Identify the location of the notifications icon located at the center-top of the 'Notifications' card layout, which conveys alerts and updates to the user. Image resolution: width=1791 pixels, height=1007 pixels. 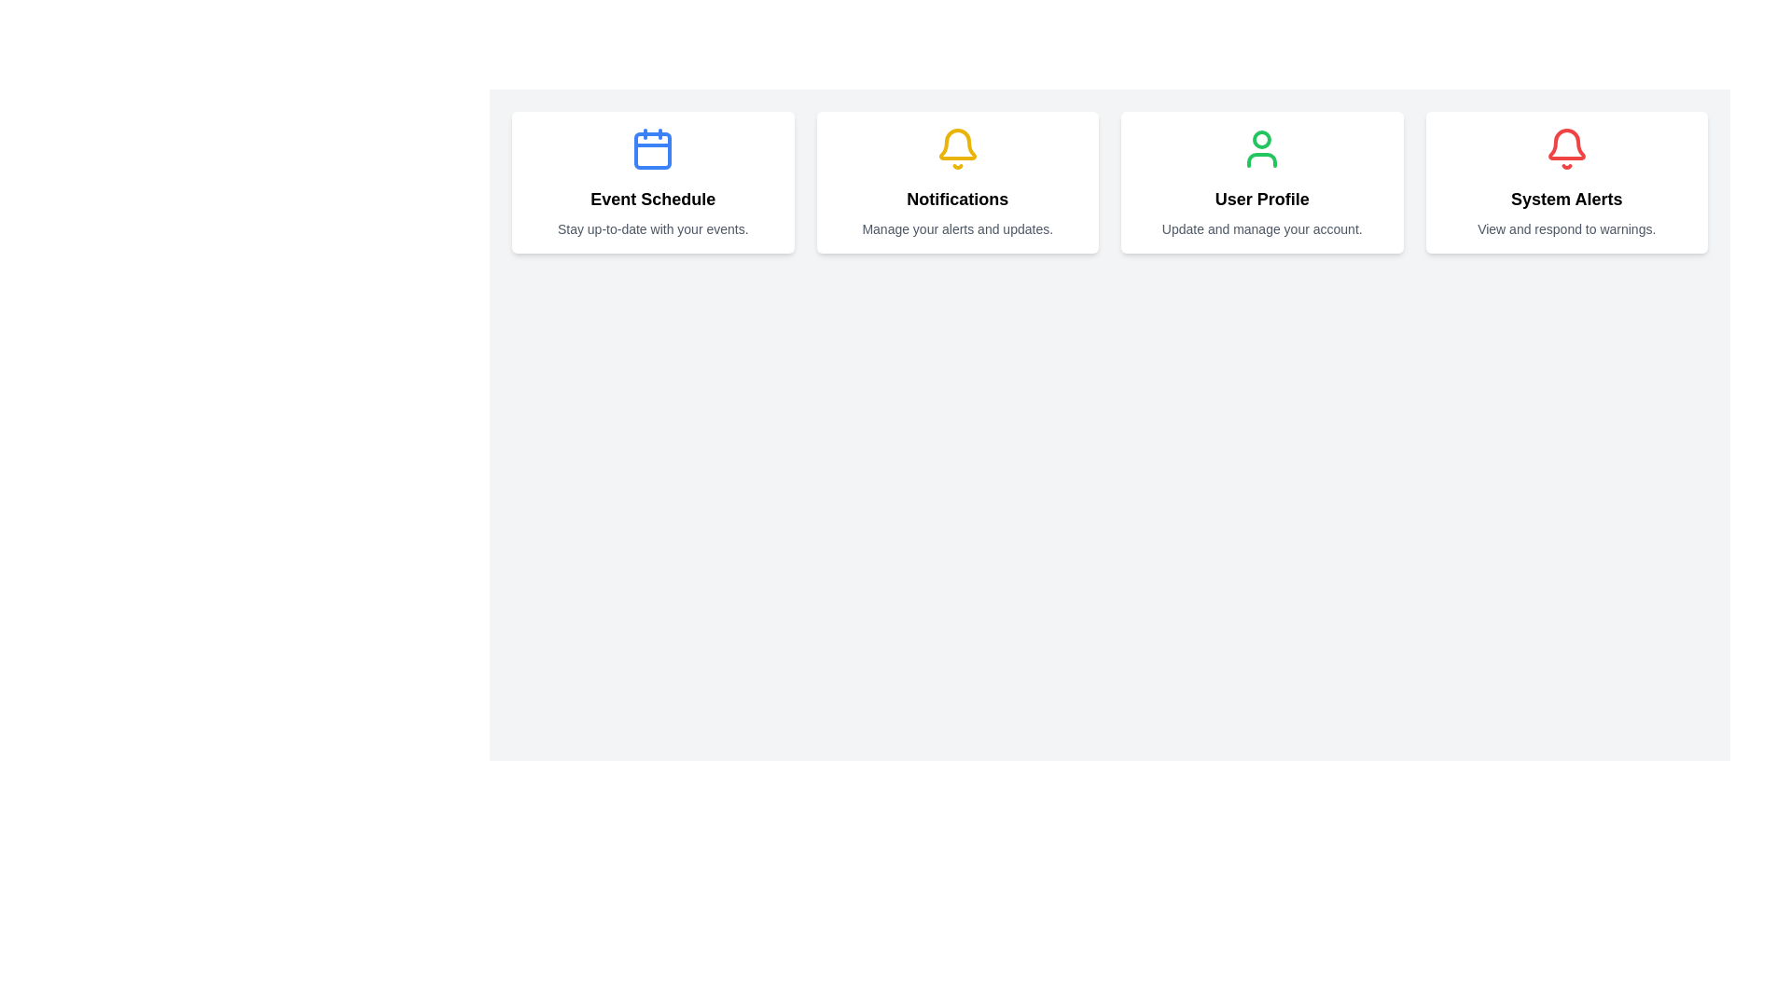
(957, 147).